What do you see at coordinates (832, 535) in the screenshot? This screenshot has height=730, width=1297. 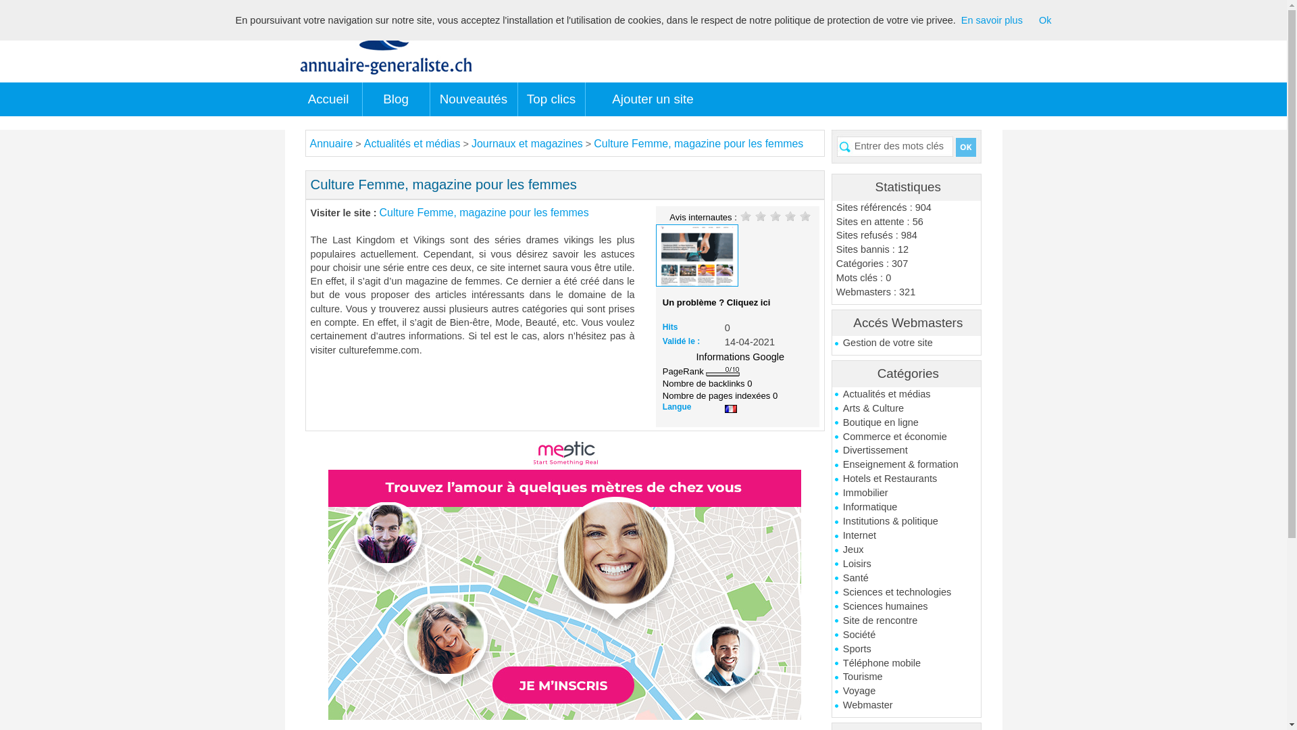 I see `'Internet'` at bounding box center [832, 535].